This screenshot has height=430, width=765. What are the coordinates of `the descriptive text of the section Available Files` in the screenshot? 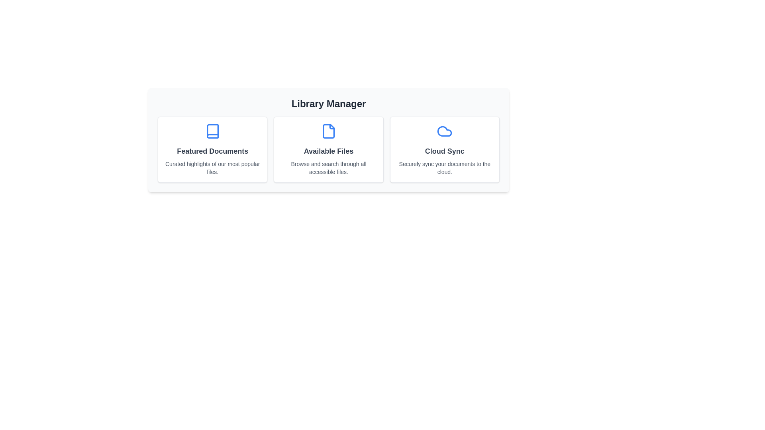 It's located at (329, 167).